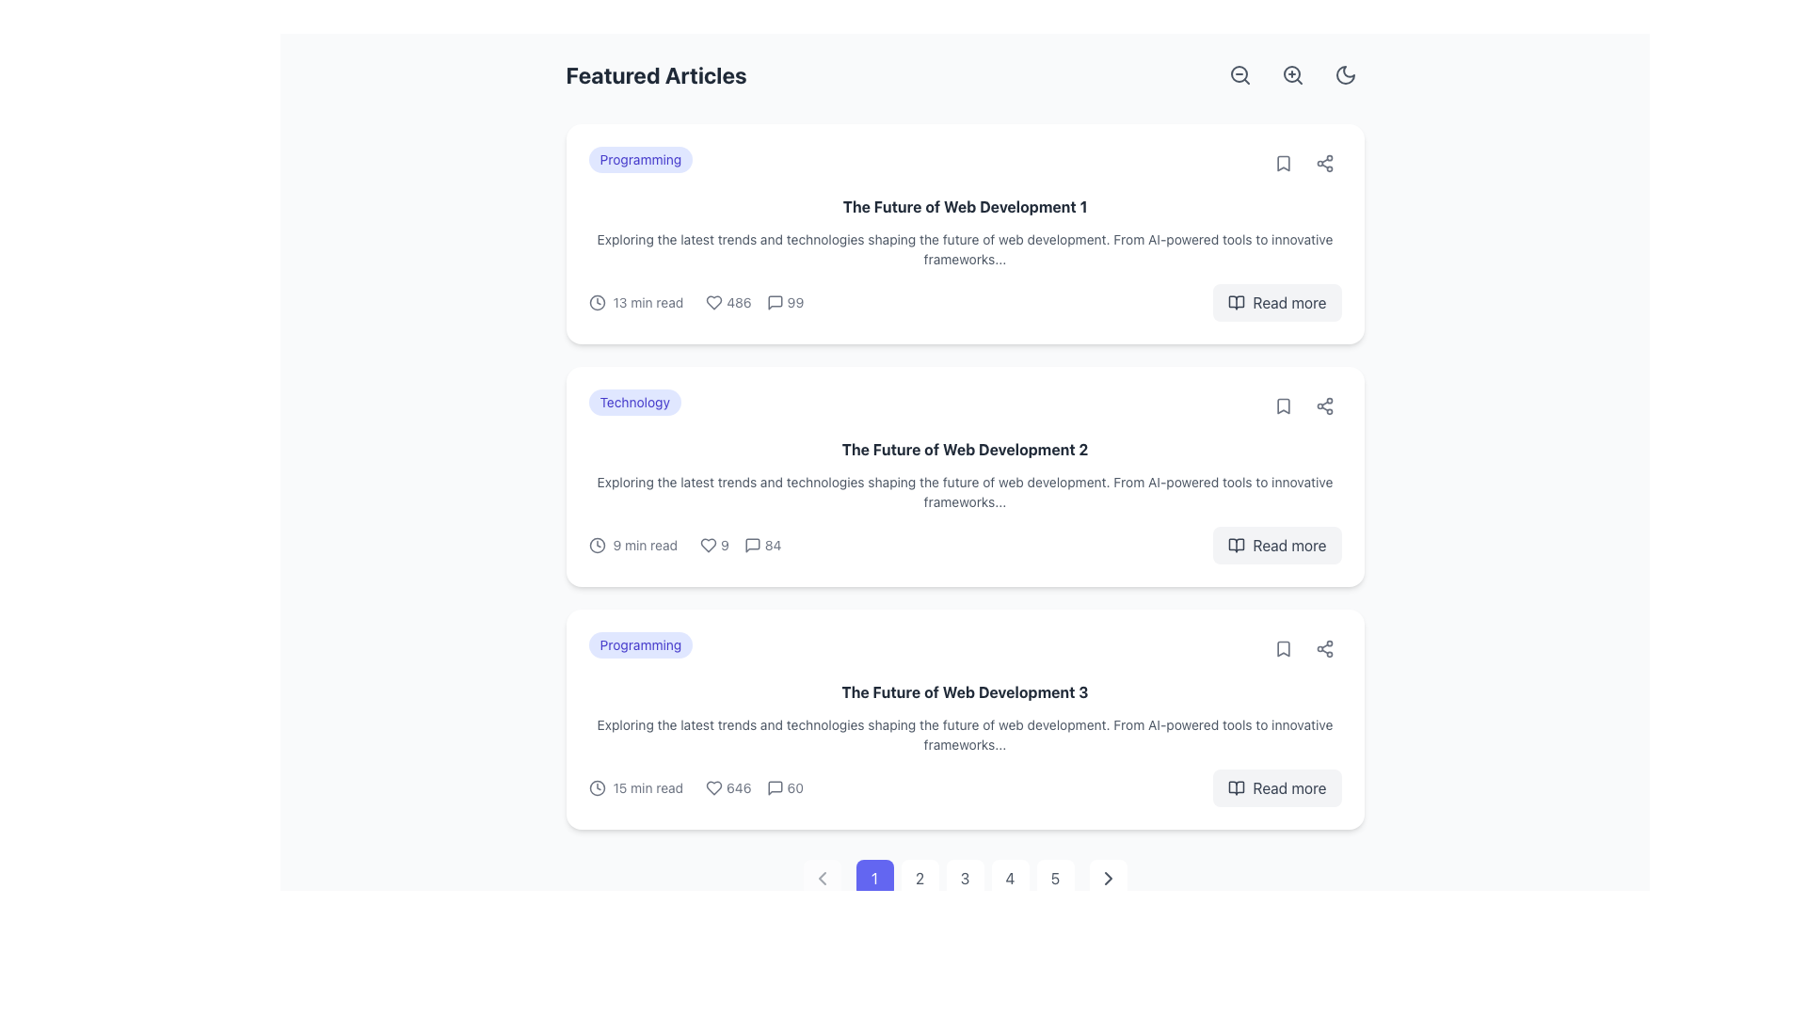  I want to click on the rightward-pointing chevron icon located at the bottom center of the interface, so click(1108, 878).